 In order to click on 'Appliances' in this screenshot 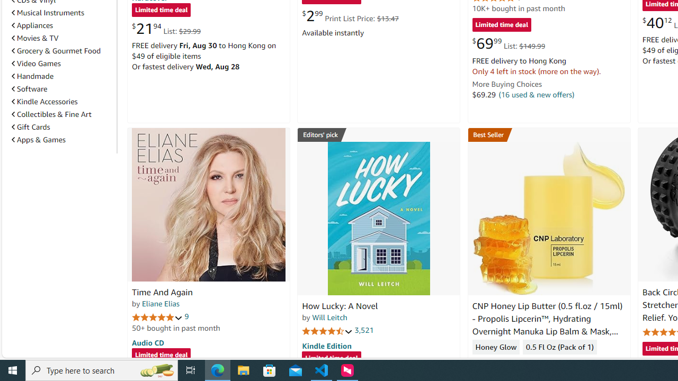, I will do `click(61, 25)`.